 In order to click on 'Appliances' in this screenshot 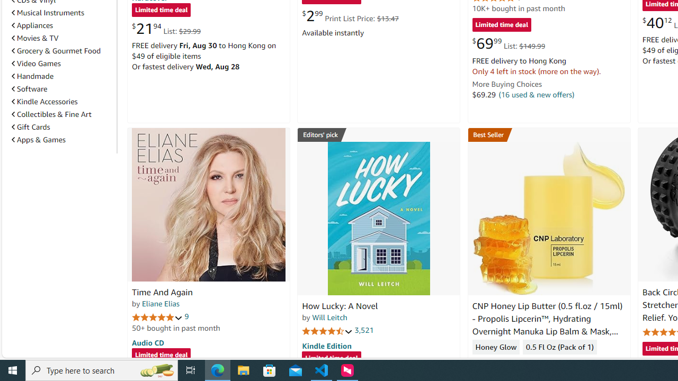, I will do `click(61, 25)`.